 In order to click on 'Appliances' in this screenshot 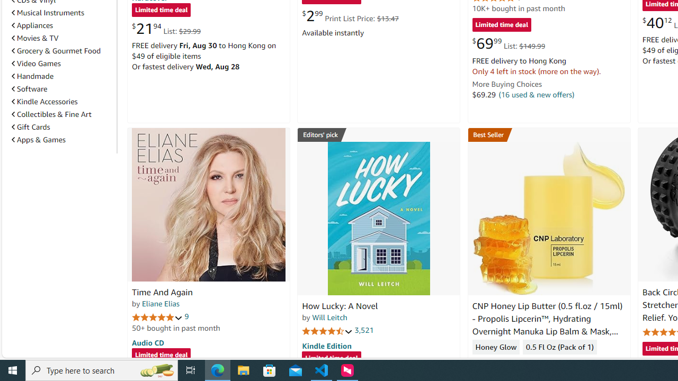, I will do `click(61, 25)`.